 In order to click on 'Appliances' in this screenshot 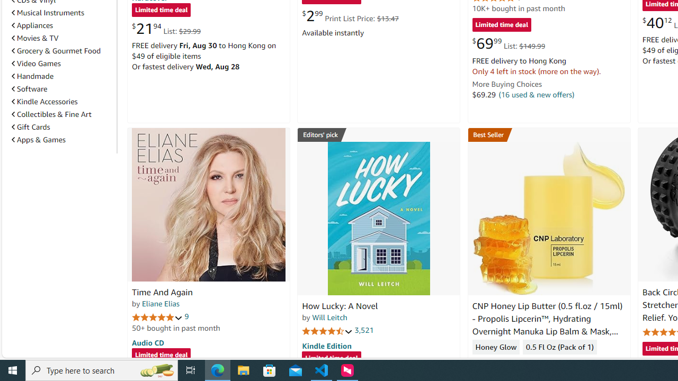, I will do `click(61, 25)`.